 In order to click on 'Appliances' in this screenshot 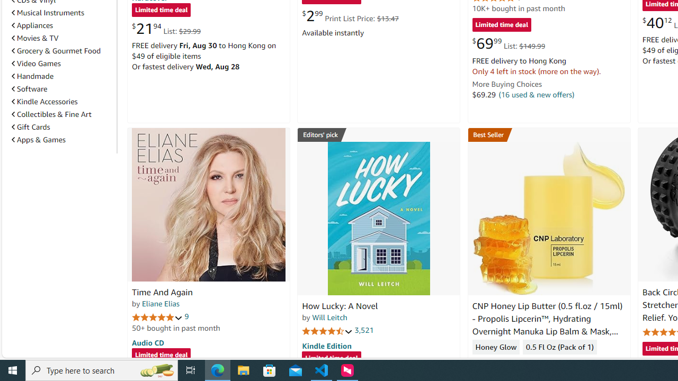, I will do `click(61, 25)`.